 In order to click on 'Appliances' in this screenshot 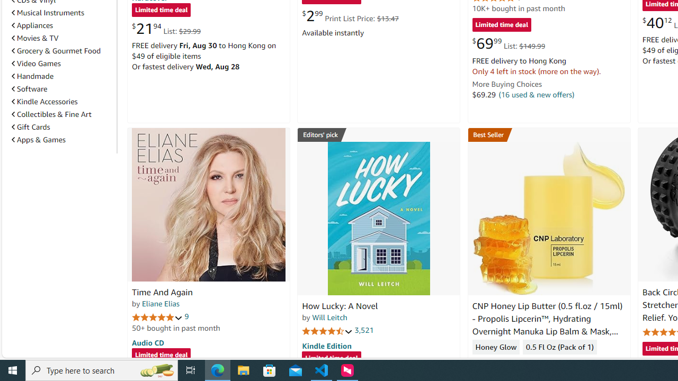, I will do `click(61, 25)`.